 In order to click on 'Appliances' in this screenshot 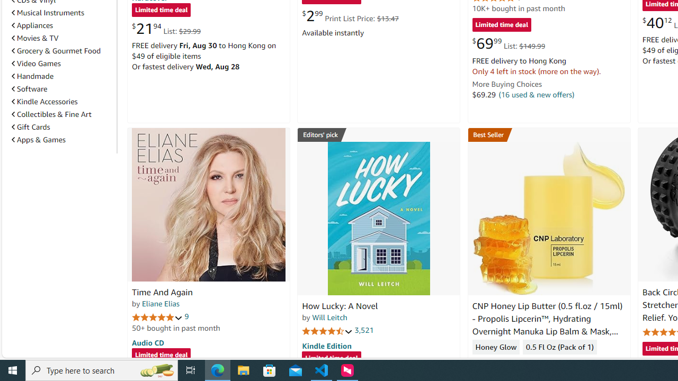, I will do `click(61, 25)`.